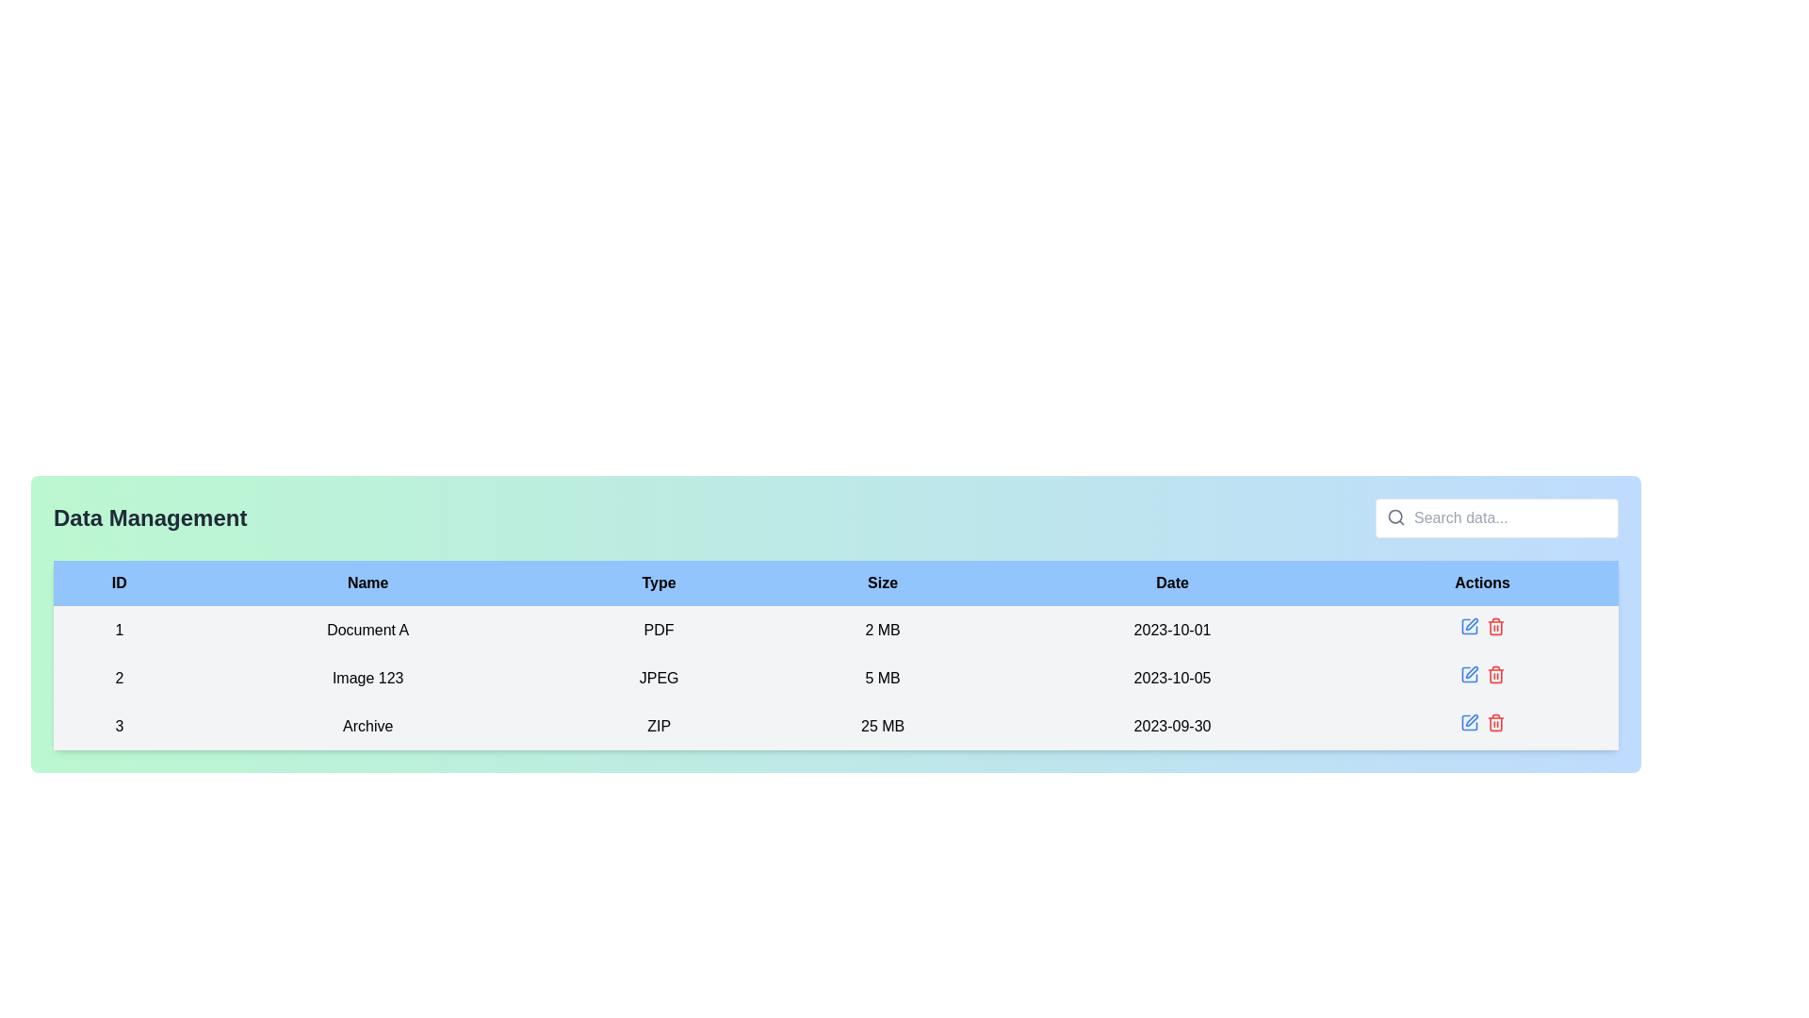 The height and width of the screenshot is (1018, 1809). What do you see at coordinates (1395, 517) in the screenshot?
I see `the inner circle of the magnifying glass icon in the top-right corner of the search interface` at bounding box center [1395, 517].